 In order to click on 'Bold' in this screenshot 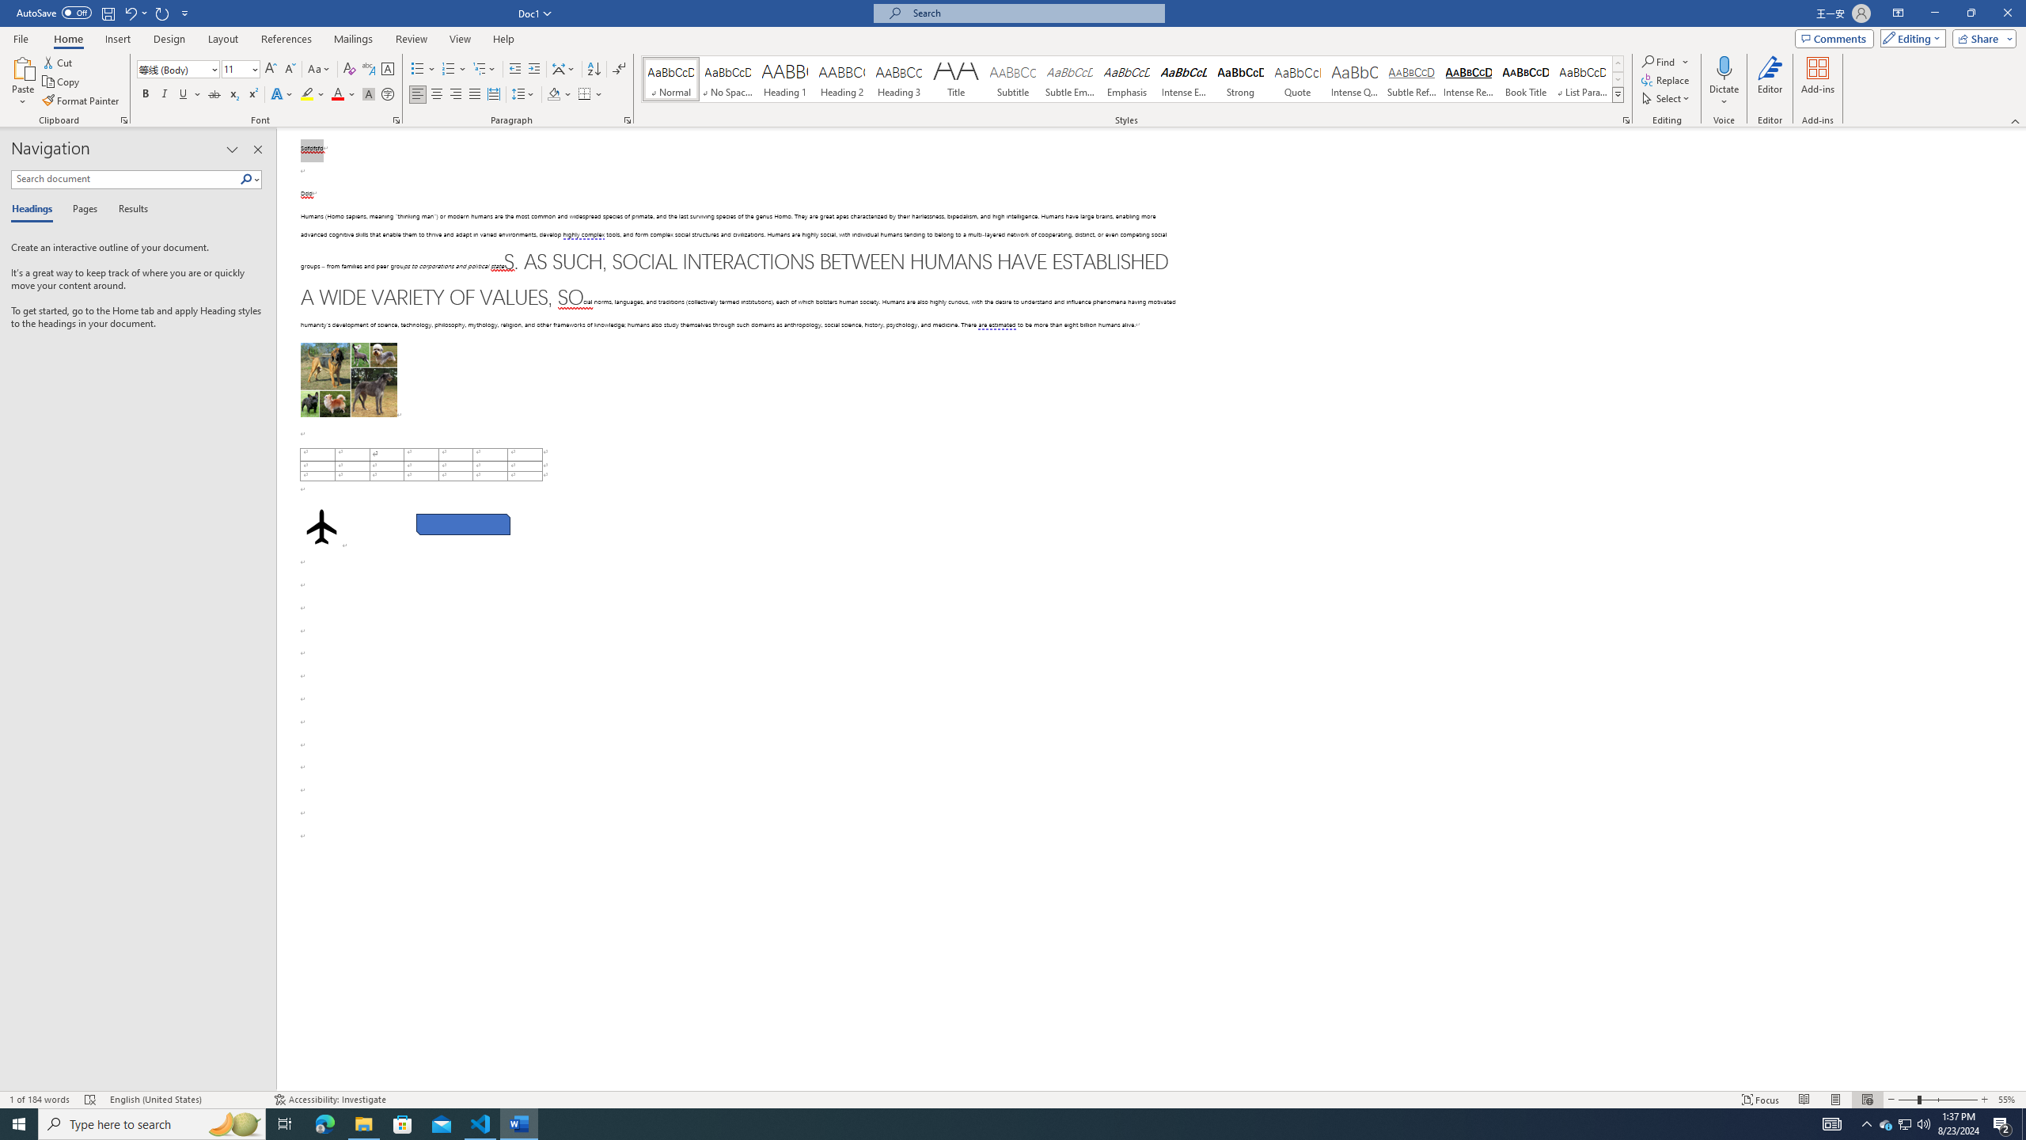, I will do `click(145, 93)`.